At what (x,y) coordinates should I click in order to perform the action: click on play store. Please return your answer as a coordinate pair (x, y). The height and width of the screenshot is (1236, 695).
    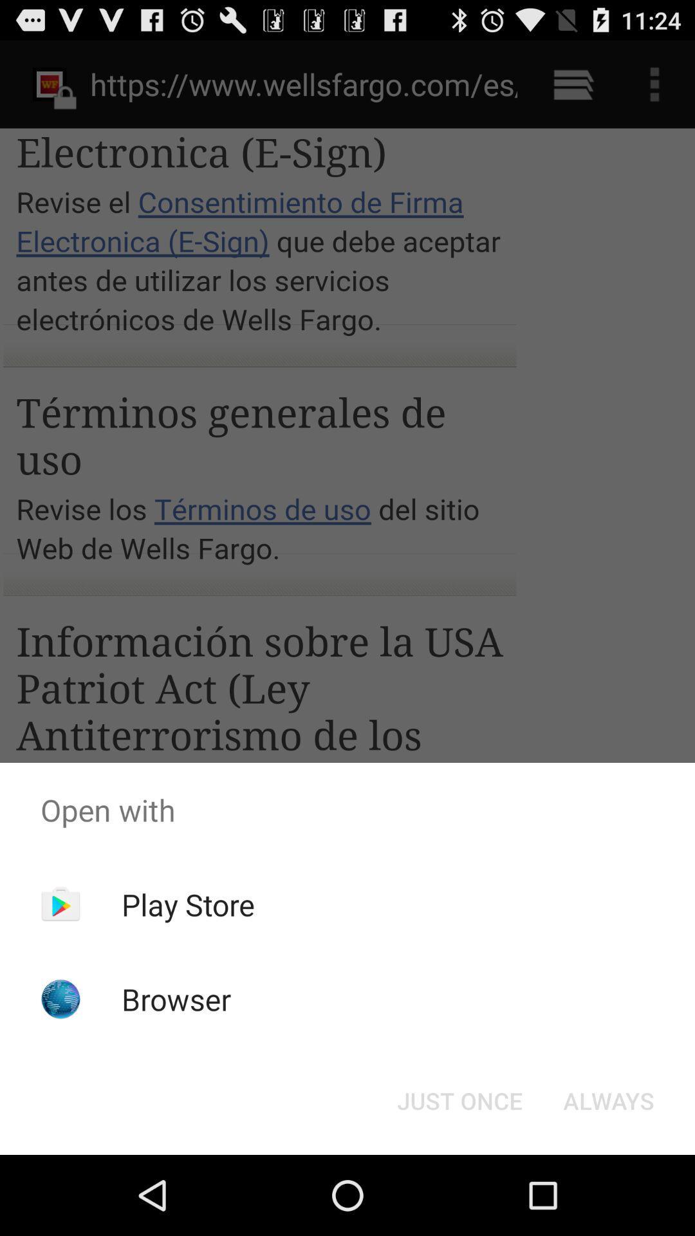
    Looking at the image, I should click on (188, 904).